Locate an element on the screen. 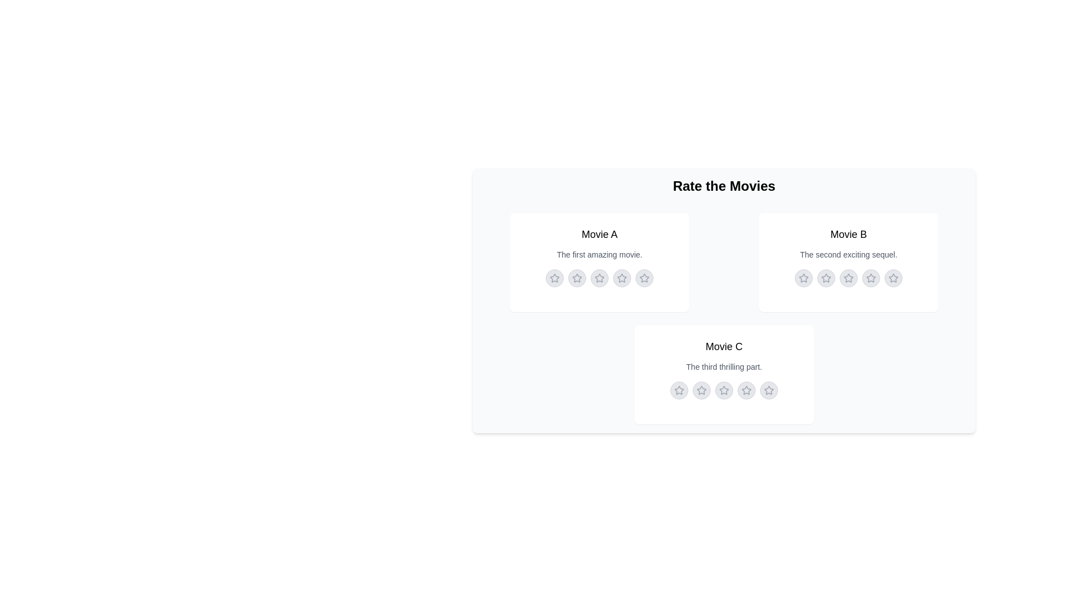 This screenshot has height=606, width=1077. the third circular button with a star icon under the 'Movie A' section is located at coordinates (599, 278).